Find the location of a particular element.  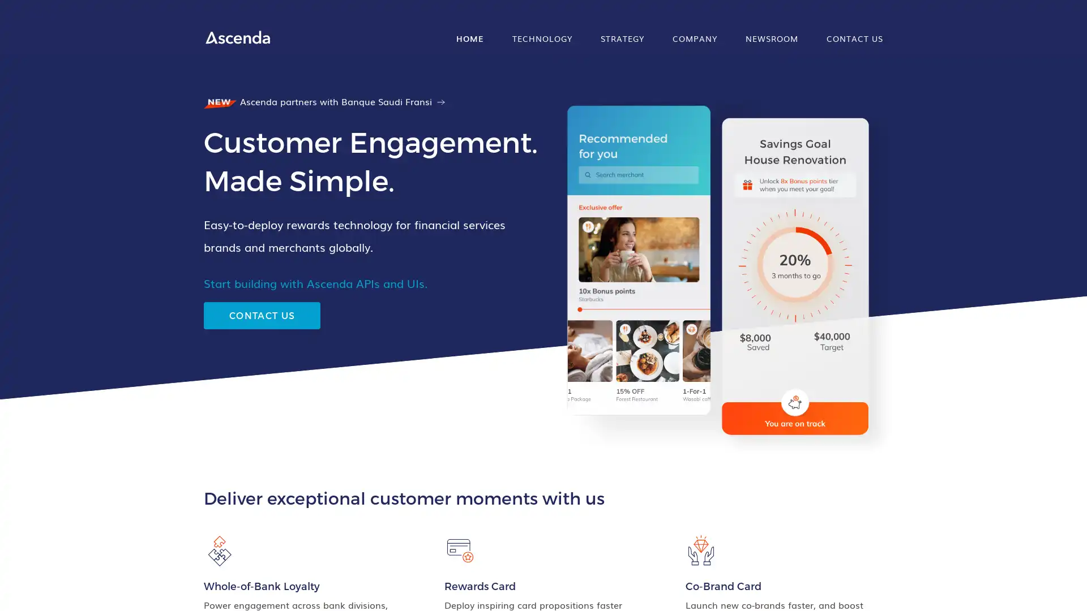

animation is located at coordinates (700, 550).